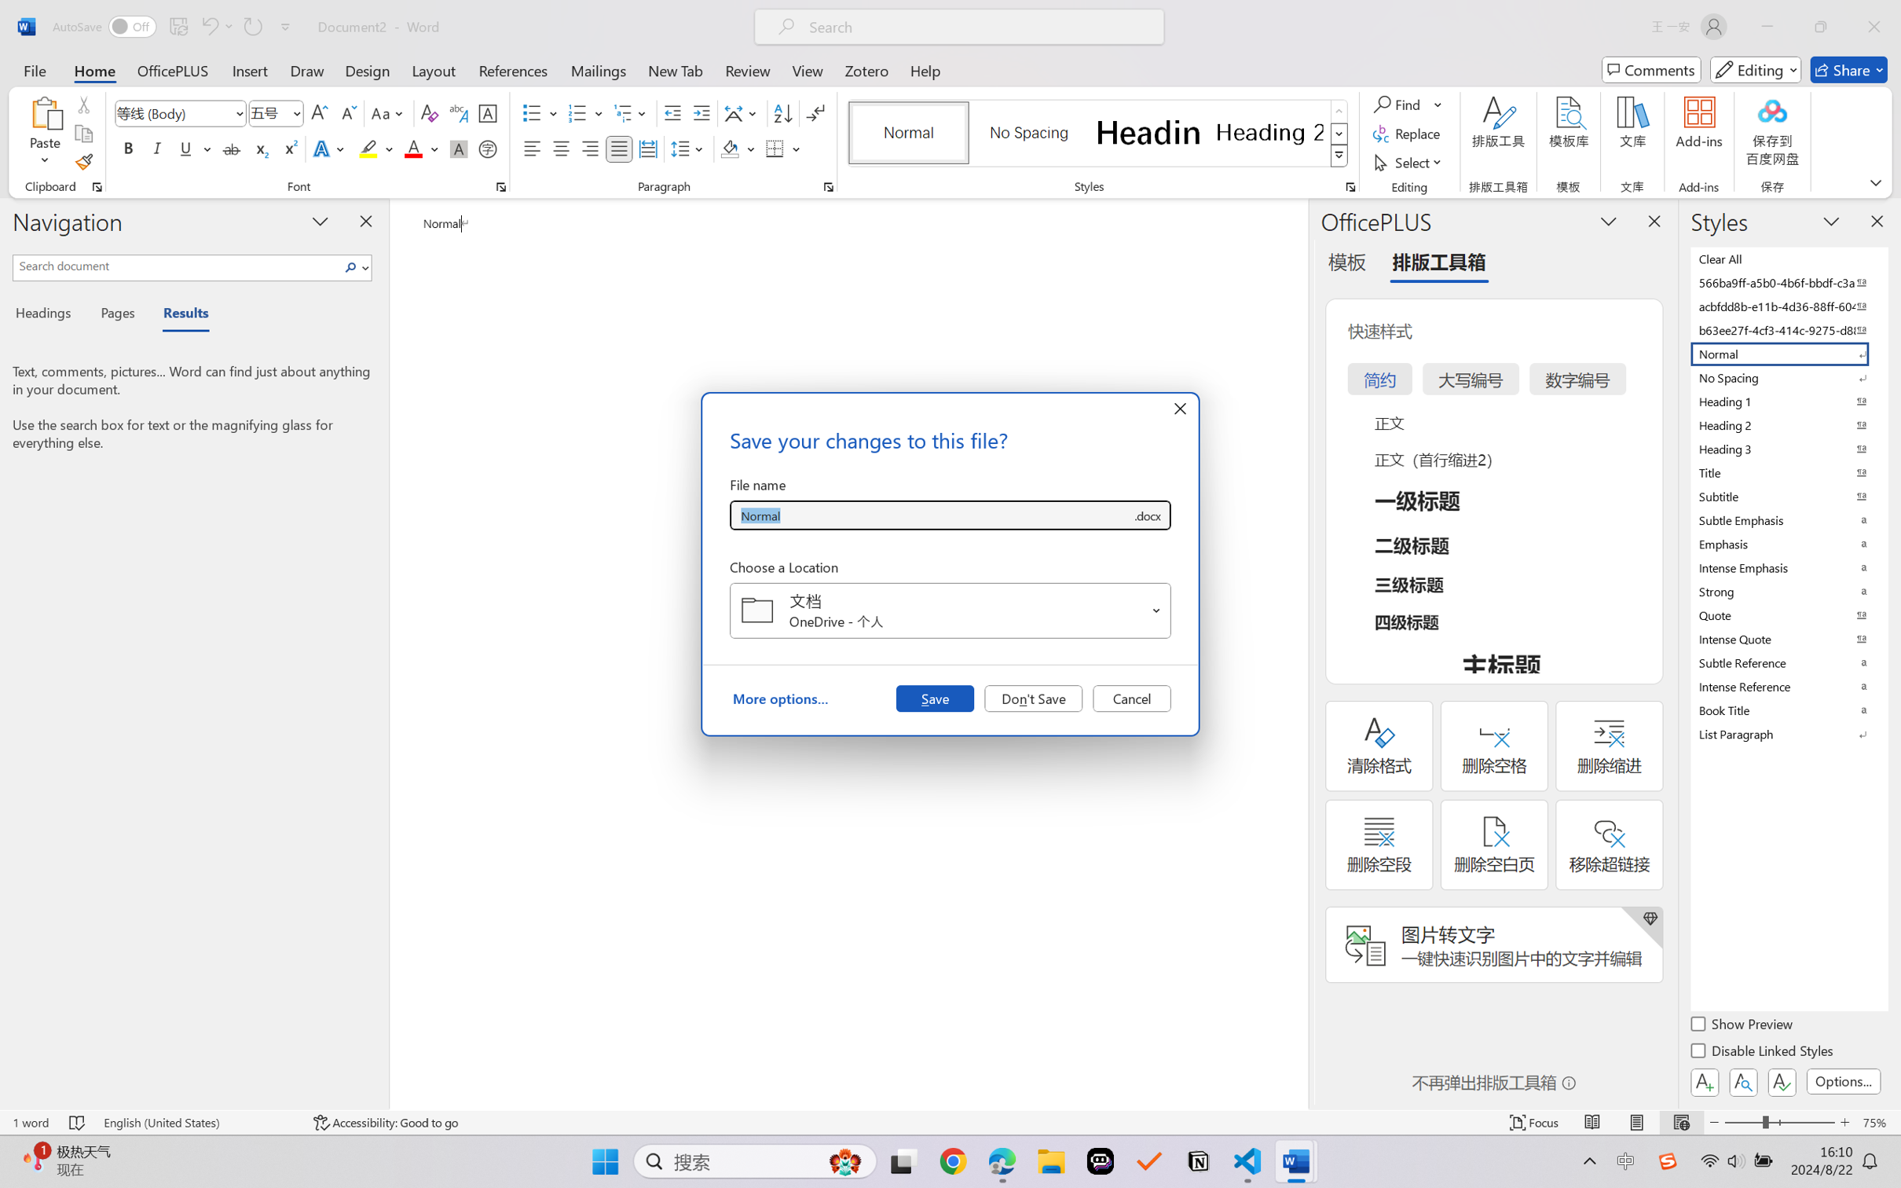  I want to click on 'Disable Linked Styles', so click(1762, 1052).